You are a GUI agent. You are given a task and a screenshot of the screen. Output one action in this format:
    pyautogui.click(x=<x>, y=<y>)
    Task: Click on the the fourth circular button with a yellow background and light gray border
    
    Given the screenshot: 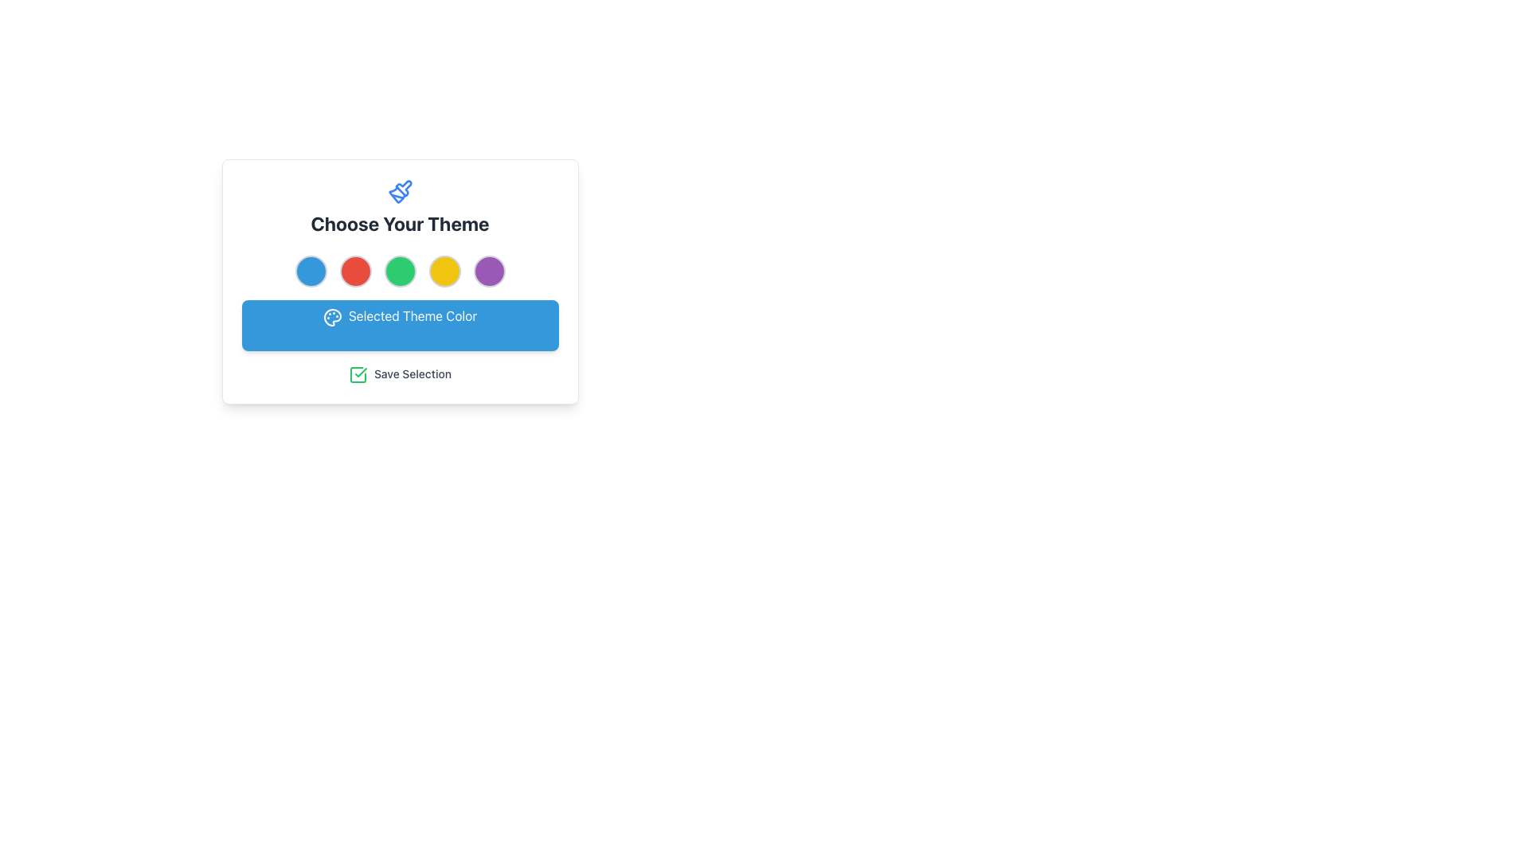 What is the action you would take?
    pyautogui.click(x=444, y=270)
    